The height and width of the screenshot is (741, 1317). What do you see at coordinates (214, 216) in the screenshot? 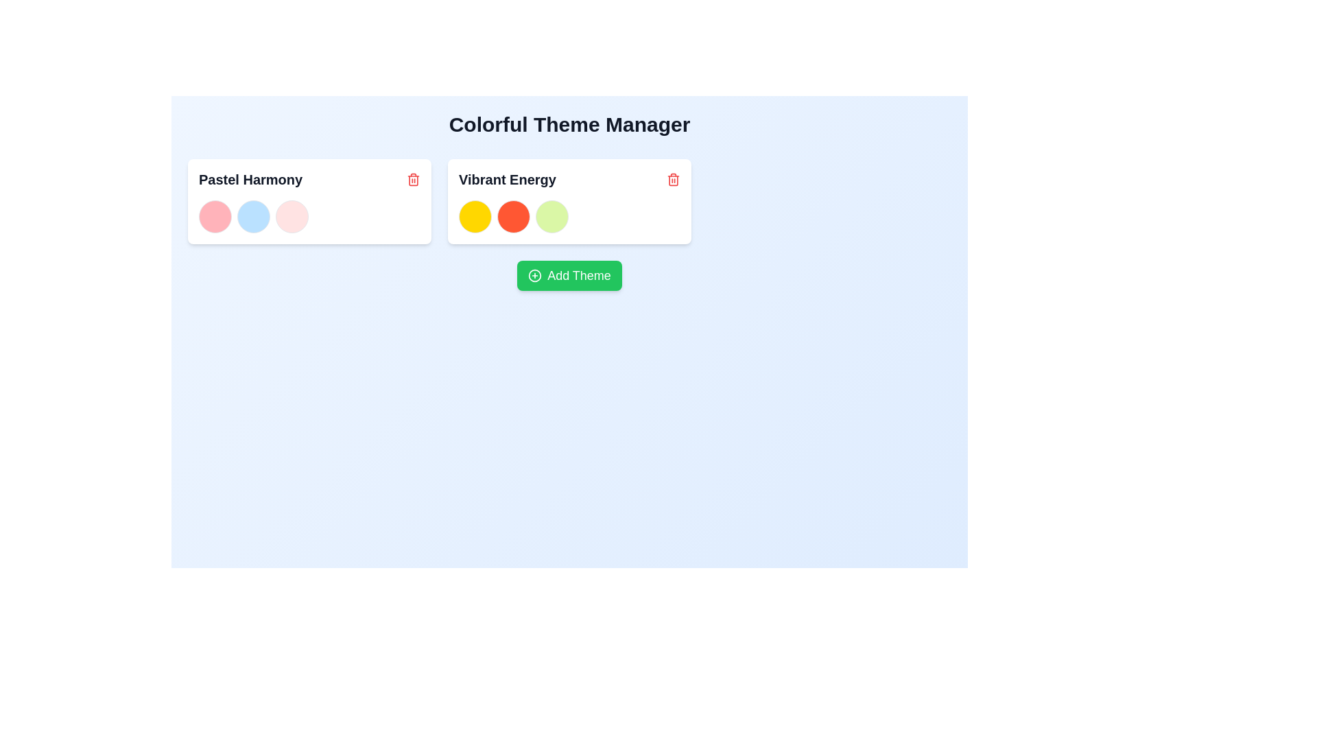
I see `the first circular component with a pastel pink background and a border, located within the 'Pastel Harmony' card on the left section of the interface` at bounding box center [214, 216].